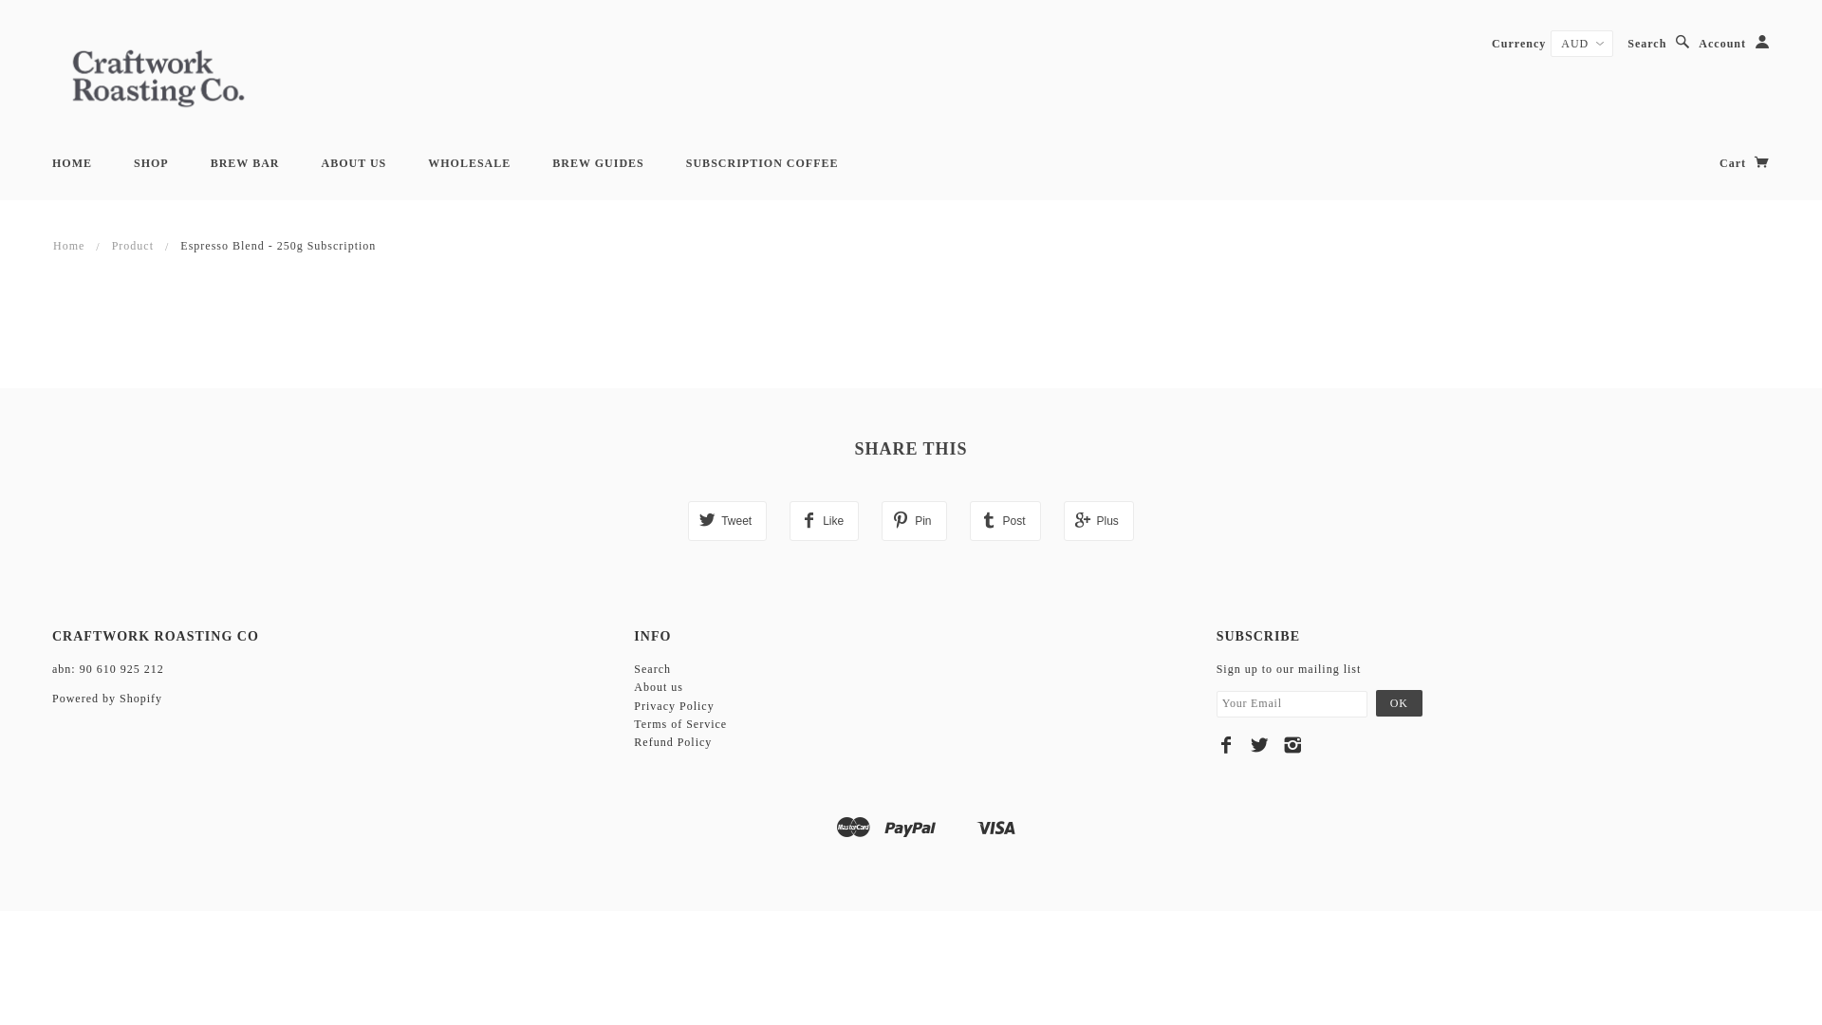 Image resolution: width=1822 pixels, height=1025 pixels. What do you see at coordinates (68, 244) in the screenshot?
I see `'Home'` at bounding box center [68, 244].